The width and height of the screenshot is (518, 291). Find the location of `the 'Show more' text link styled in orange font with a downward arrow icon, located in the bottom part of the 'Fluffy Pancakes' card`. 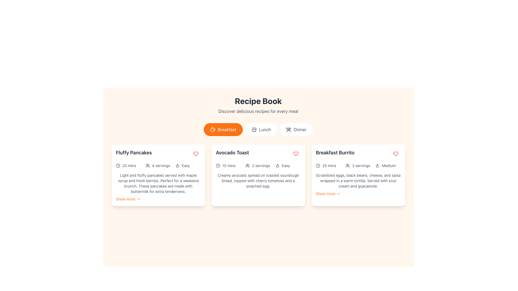

the 'Show more' text link styled in orange font with a downward arrow icon, located in the bottom part of the 'Fluffy Pancakes' card is located at coordinates (128, 199).